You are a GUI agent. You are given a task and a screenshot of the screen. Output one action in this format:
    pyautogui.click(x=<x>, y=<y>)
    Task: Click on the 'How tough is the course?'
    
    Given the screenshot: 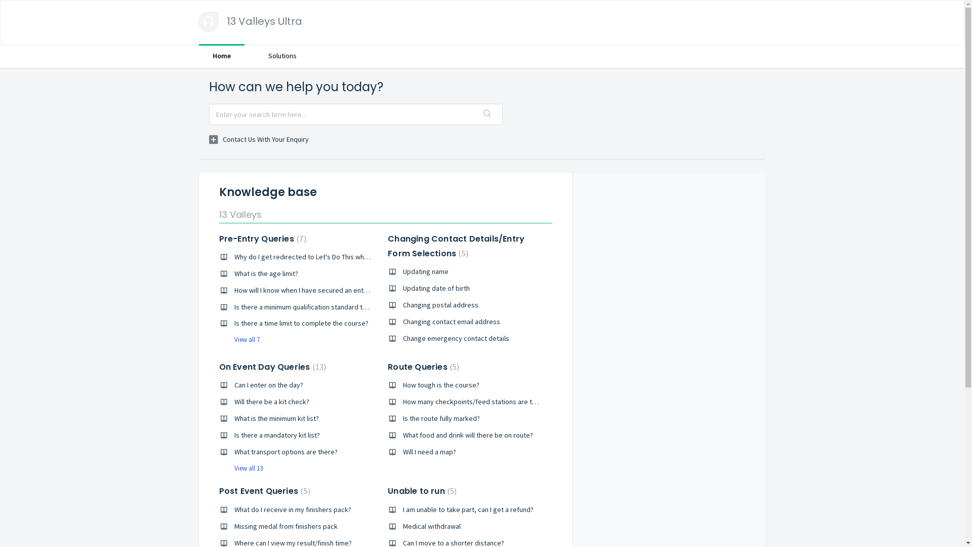 What is the action you would take?
    pyautogui.click(x=441, y=384)
    